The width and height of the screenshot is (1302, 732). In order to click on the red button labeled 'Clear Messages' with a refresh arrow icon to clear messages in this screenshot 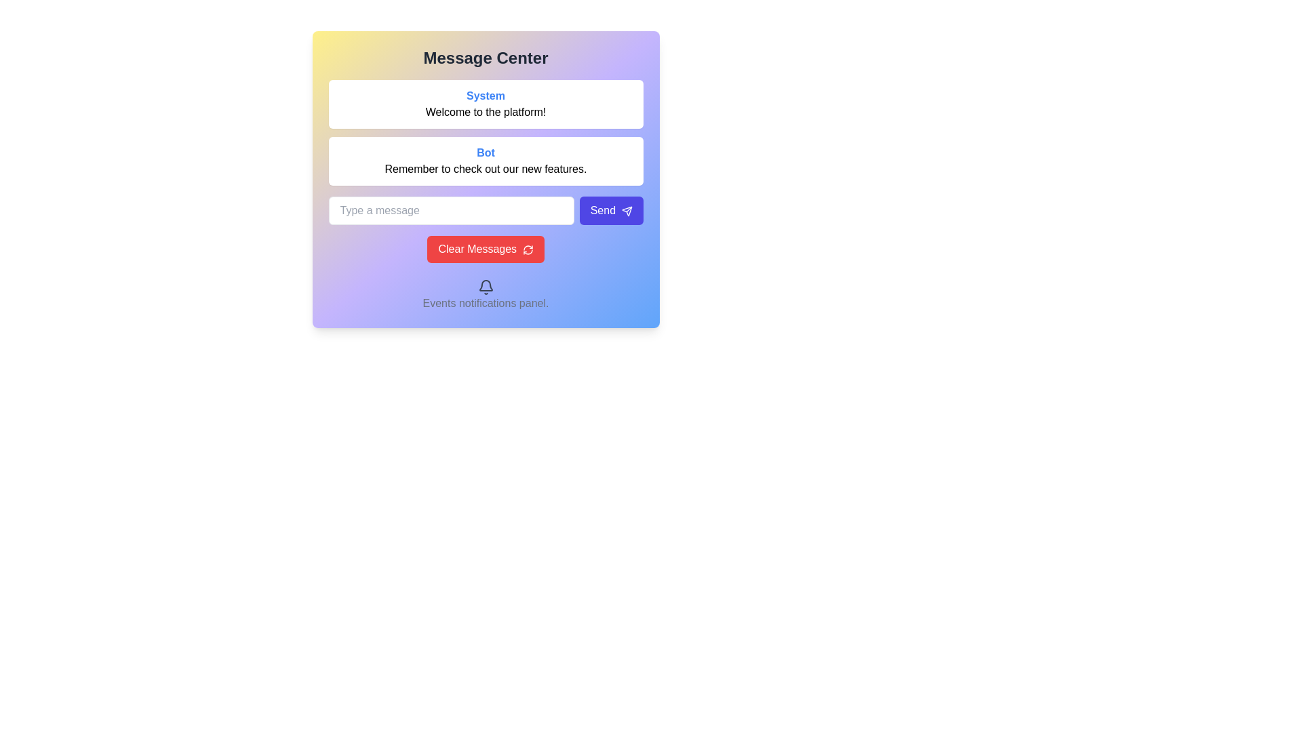, I will do `click(486, 249)`.